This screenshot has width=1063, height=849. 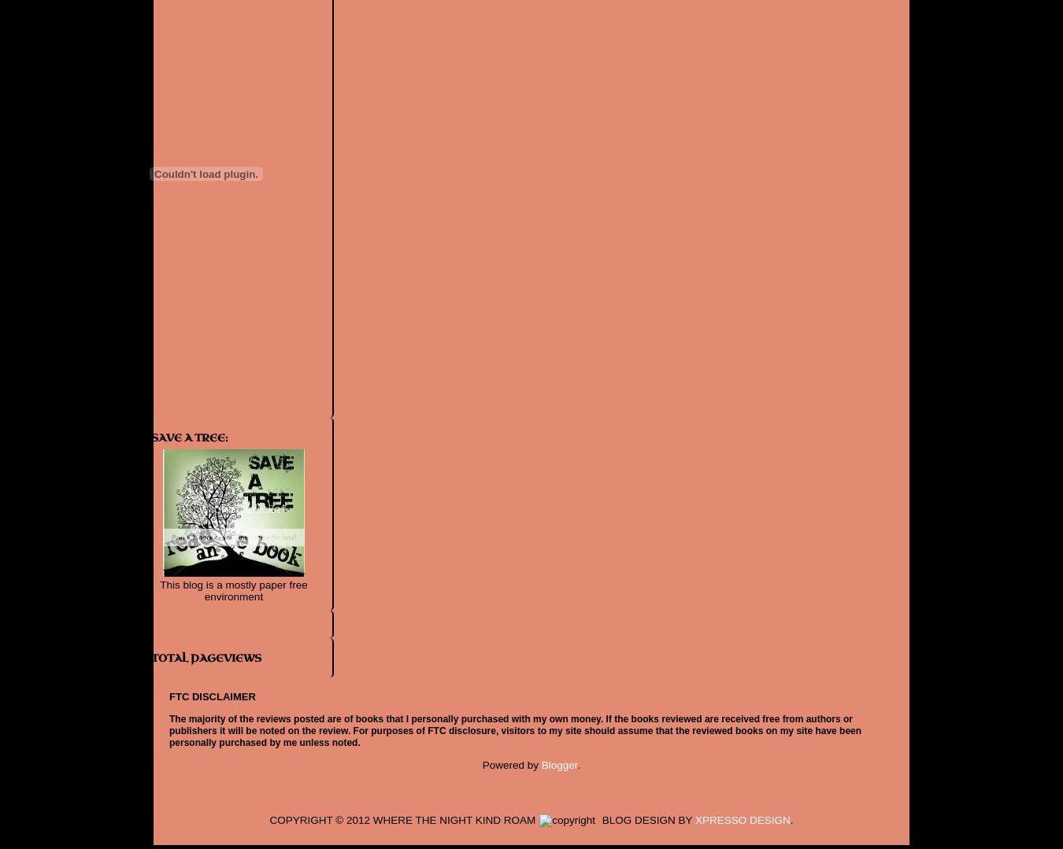 What do you see at coordinates (741, 818) in the screenshot?
I see `'XPRESSO DESIGN'` at bounding box center [741, 818].